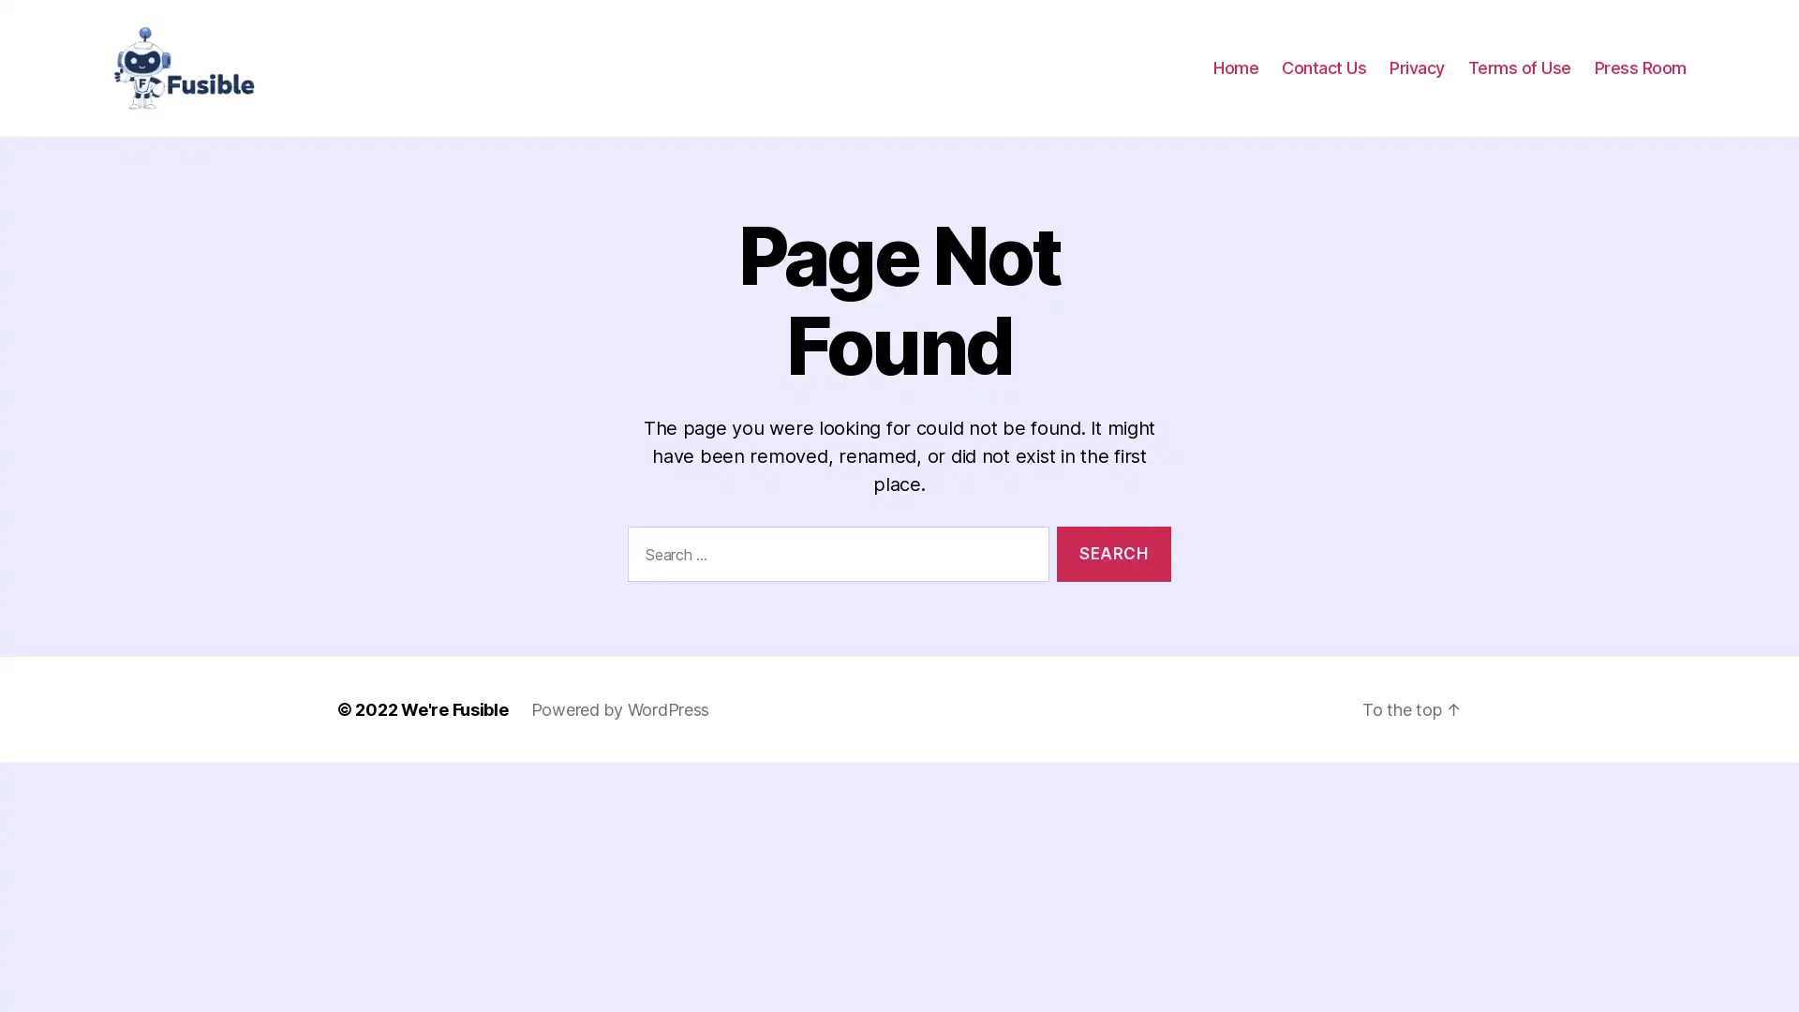  What do you see at coordinates (1113, 552) in the screenshot?
I see `Search` at bounding box center [1113, 552].